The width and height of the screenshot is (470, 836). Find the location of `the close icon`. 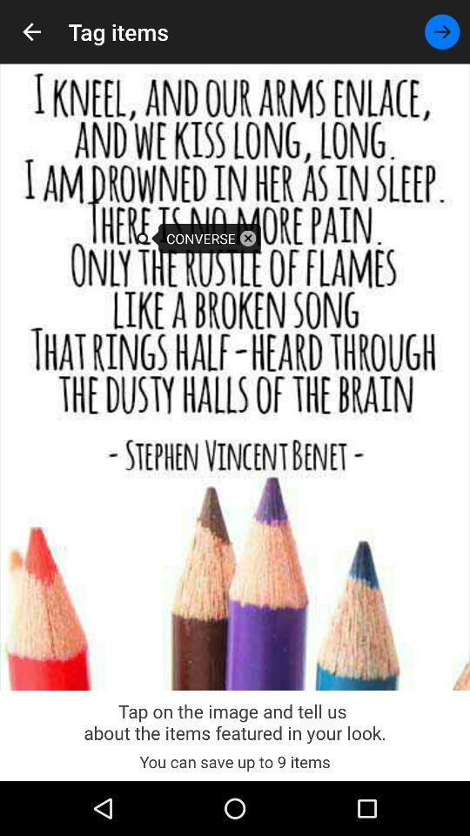

the close icon is located at coordinates (247, 237).